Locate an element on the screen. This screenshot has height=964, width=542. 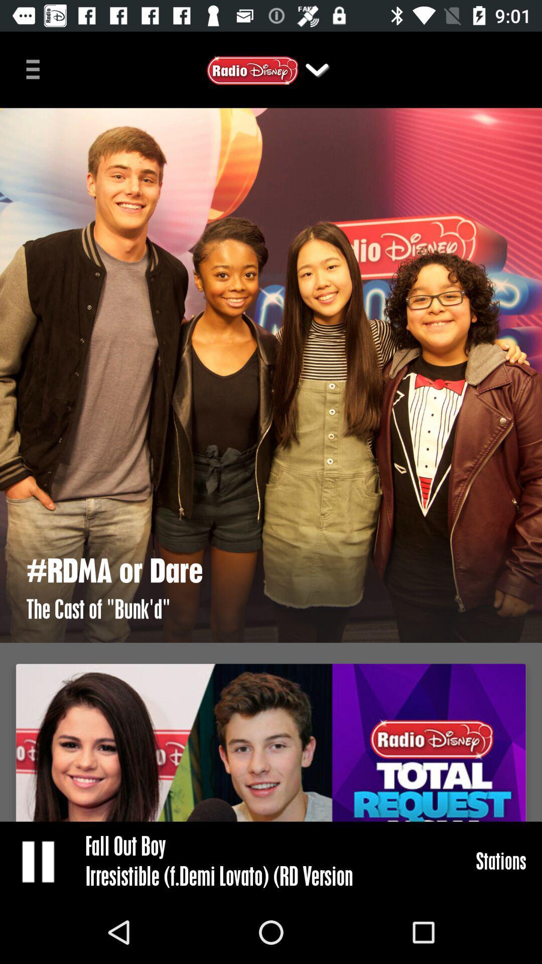
the item to the right of fall out boy icon is located at coordinates (501, 860).